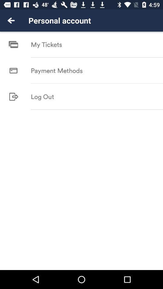 This screenshot has width=163, height=289. What do you see at coordinates (46, 44) in the screenshot?
I see `my tickets` at bounding box center [46, 44].